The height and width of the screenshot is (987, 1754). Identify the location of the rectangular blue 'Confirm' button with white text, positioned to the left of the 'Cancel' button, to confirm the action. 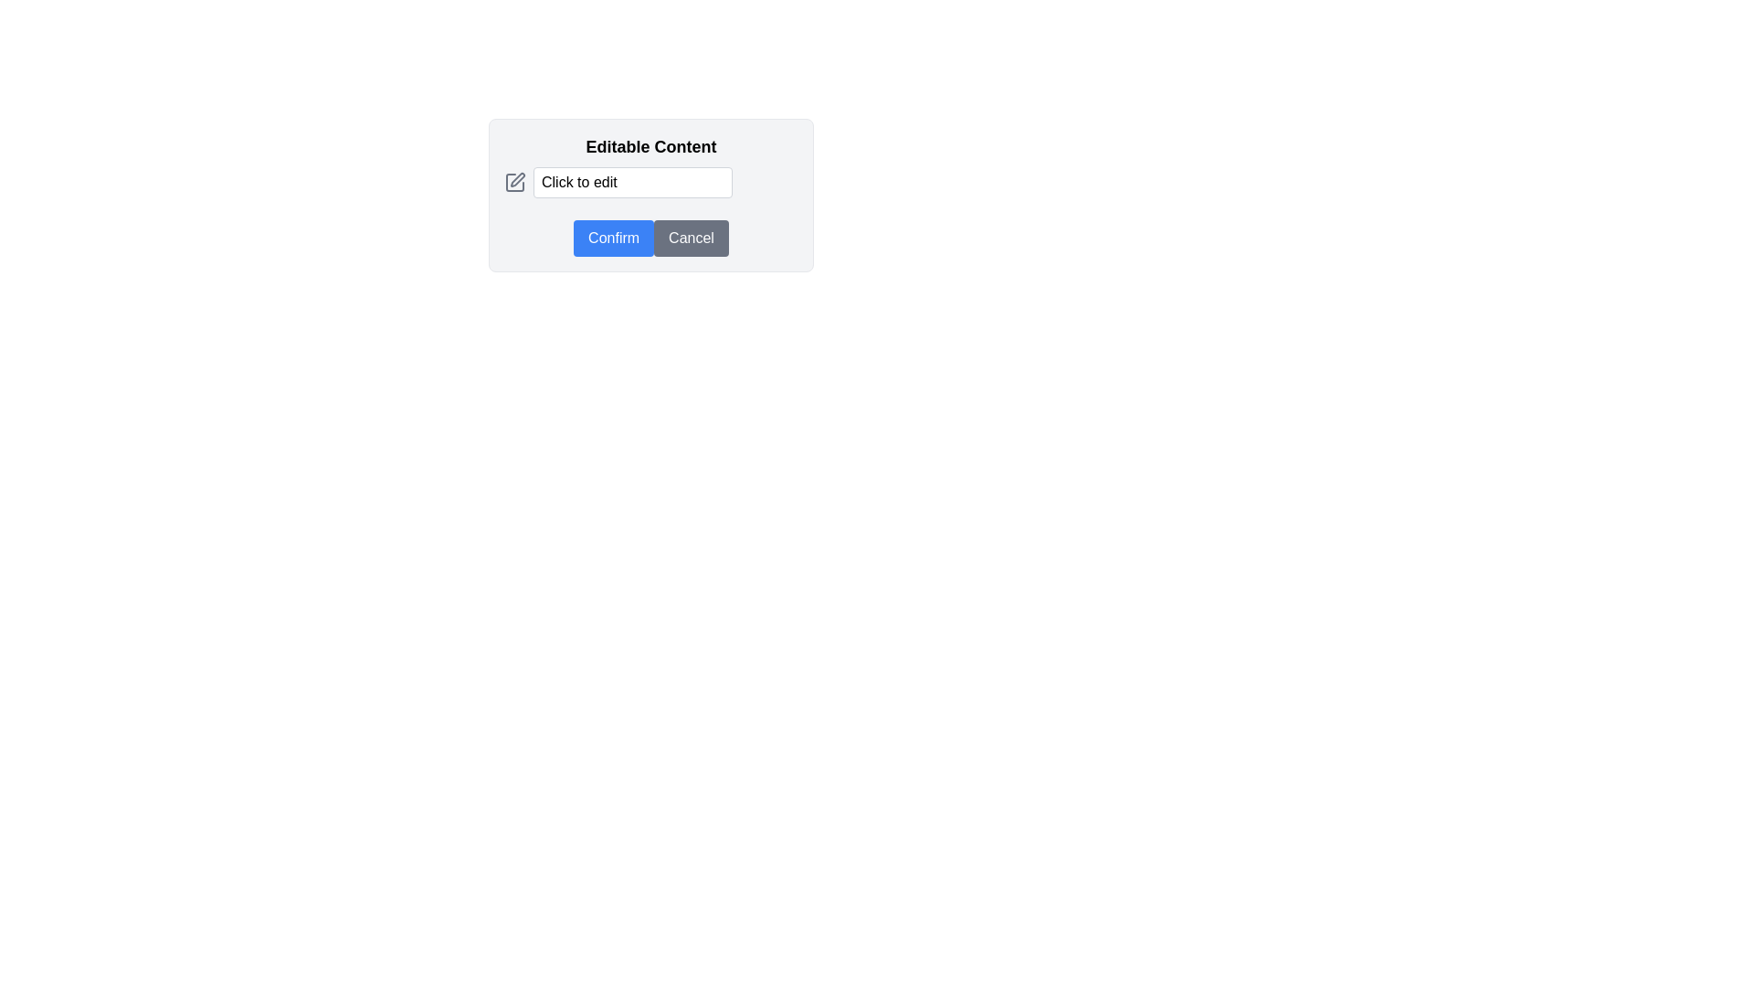
(614, 238).